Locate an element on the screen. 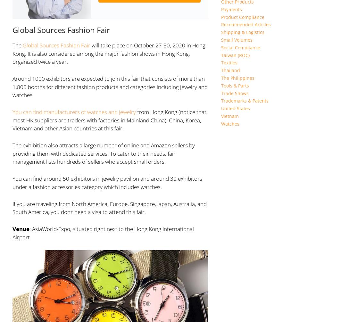  ': AsiaWorld-Expo, situated right next to the Hong Kong International Airport.' is located at coordinates (103, 233).